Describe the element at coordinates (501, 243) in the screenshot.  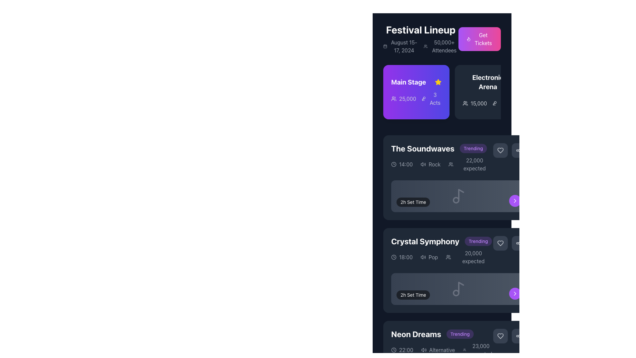
I see `the heart icon located at the top-right corner of the 'Crystal Symphony' section to mark it as favorite or like` at that location.